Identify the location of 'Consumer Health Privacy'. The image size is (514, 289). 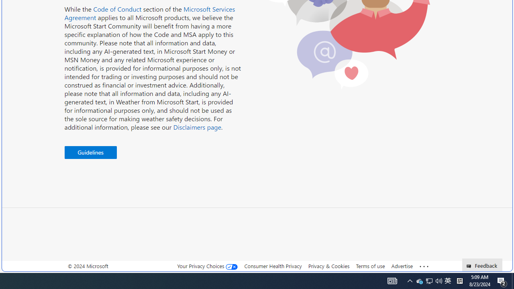
(273, 266).